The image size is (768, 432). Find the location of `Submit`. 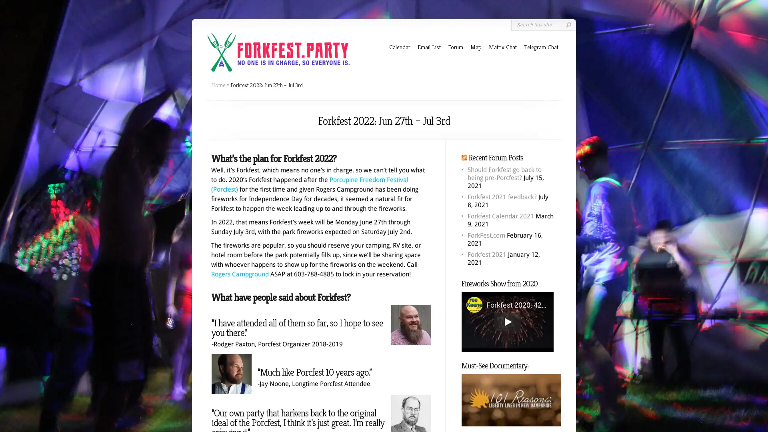

Submit is located at coordinates (568, 24).